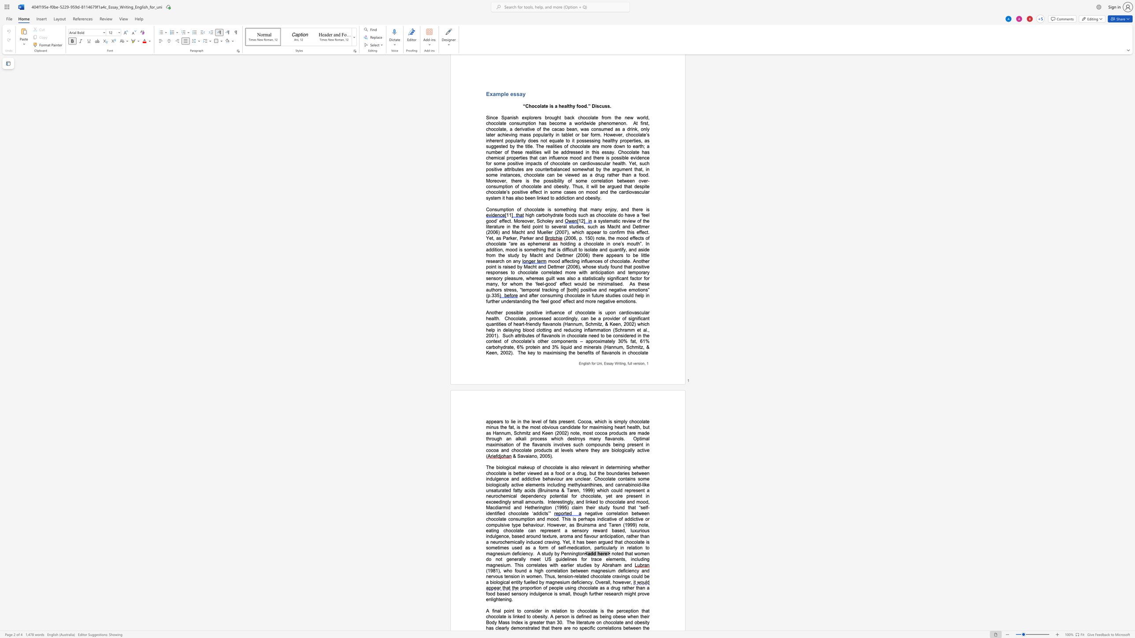 Image resolution: width=1135 pixels, height=638 pixels. I want to click on the space between the continuous character "t" and "r" in the text, so click(529, 628).